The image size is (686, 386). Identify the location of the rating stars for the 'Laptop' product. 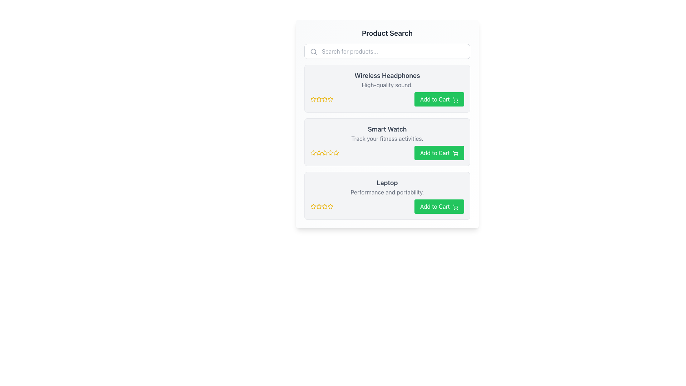
(322, 207).